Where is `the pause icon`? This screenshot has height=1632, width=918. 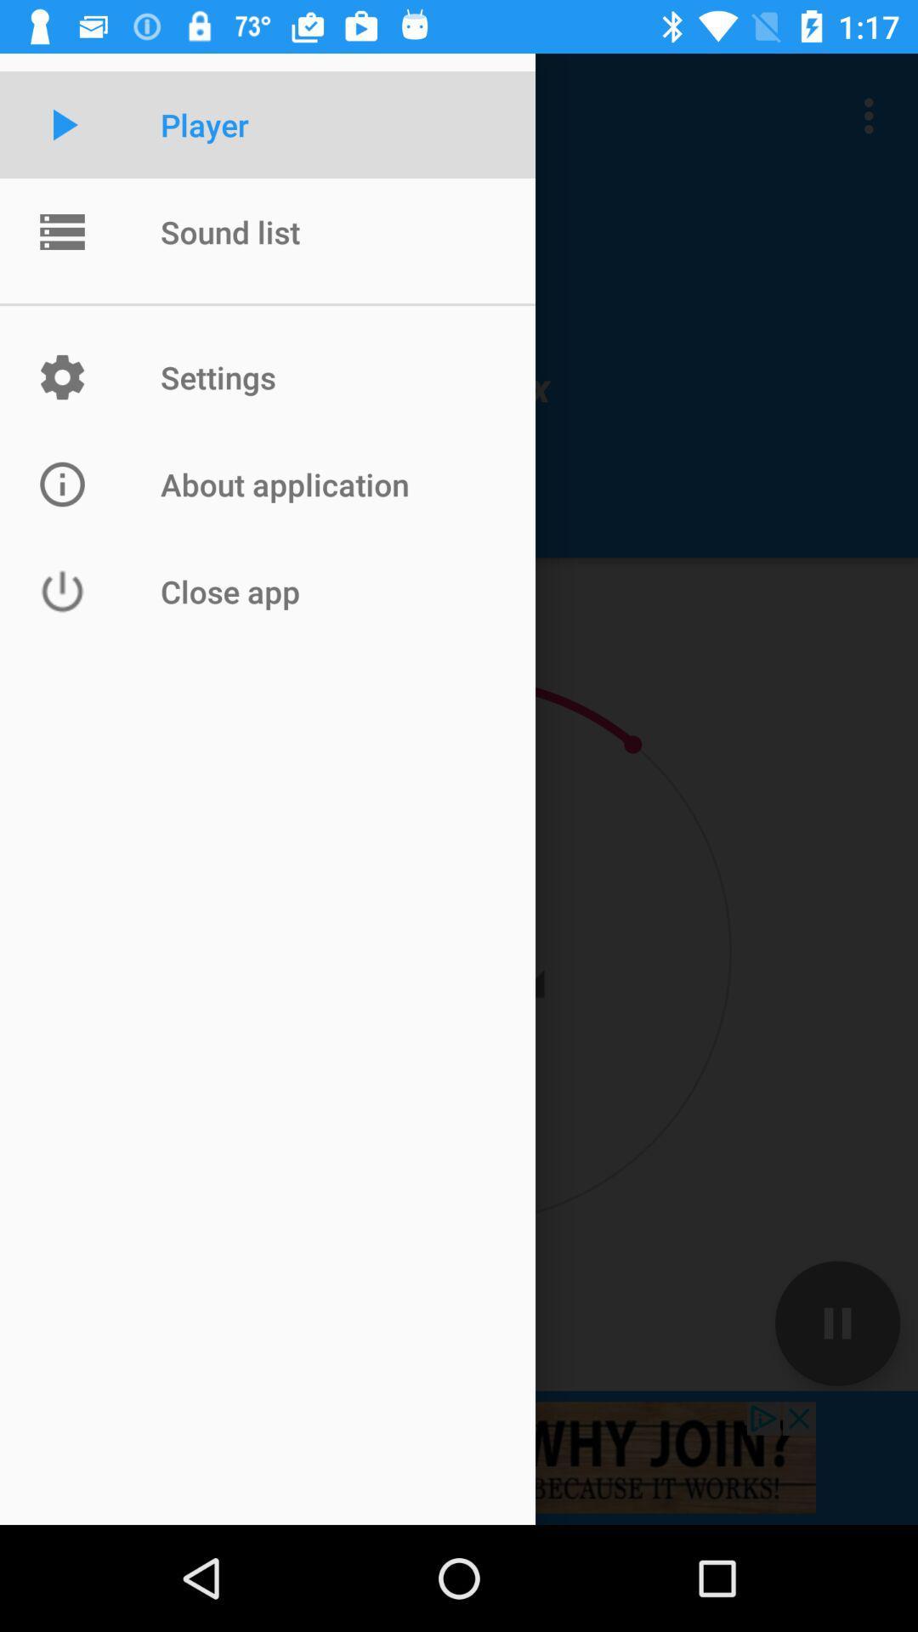
the pause icon is located at coordinates (836, 1322).